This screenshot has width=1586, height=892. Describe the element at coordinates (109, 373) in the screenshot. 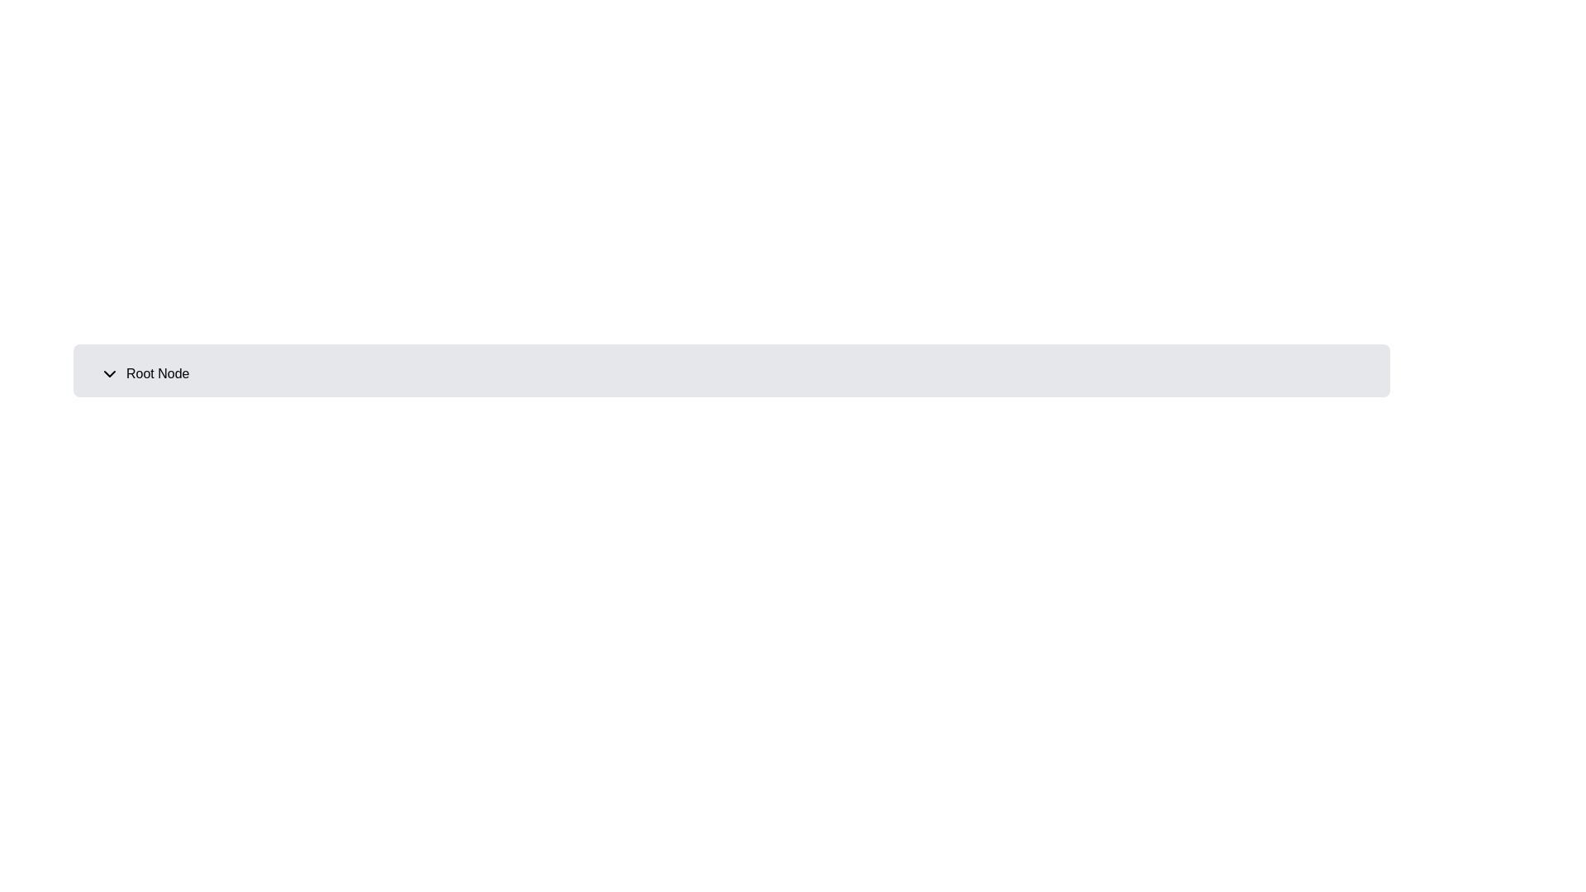

I see `the dropdown indicator SVG icon, which is a small chevron pointing downwards located immediately to the left of the text 'Root Node'` at that location.